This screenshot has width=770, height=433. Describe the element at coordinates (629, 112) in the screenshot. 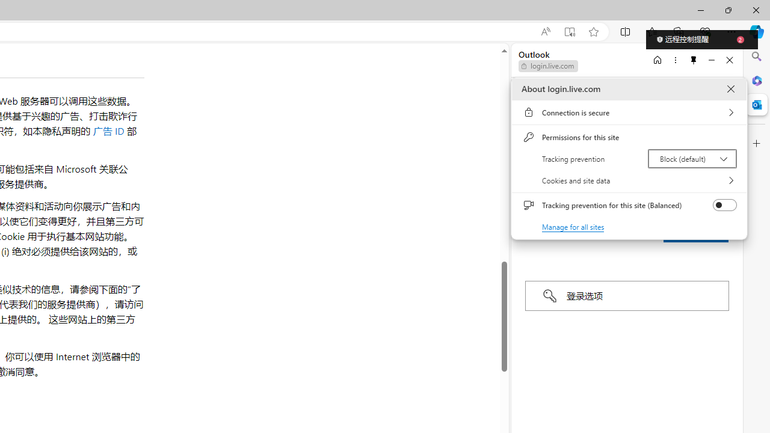

I see `'Connection is secure'` at that location.